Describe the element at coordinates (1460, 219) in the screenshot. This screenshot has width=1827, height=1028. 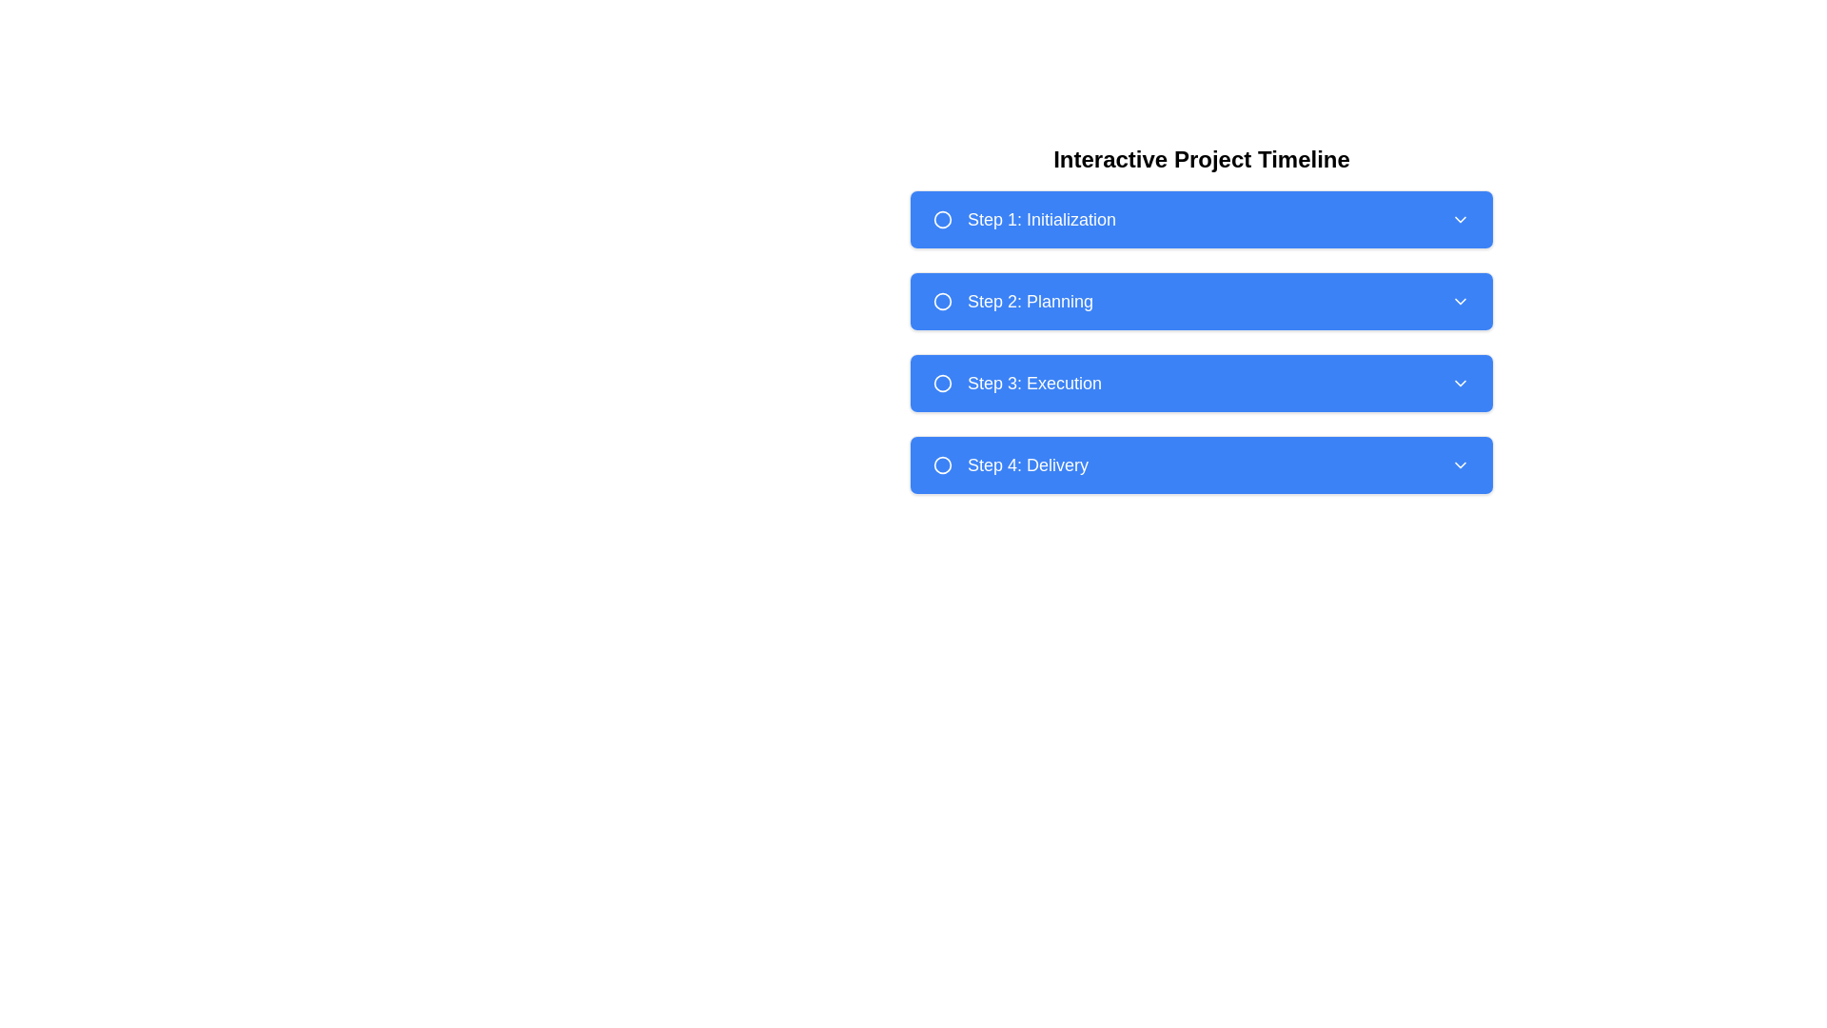
I see `the icon located at the rightmost end of the 'Step 1: Initialization' section` at that location.